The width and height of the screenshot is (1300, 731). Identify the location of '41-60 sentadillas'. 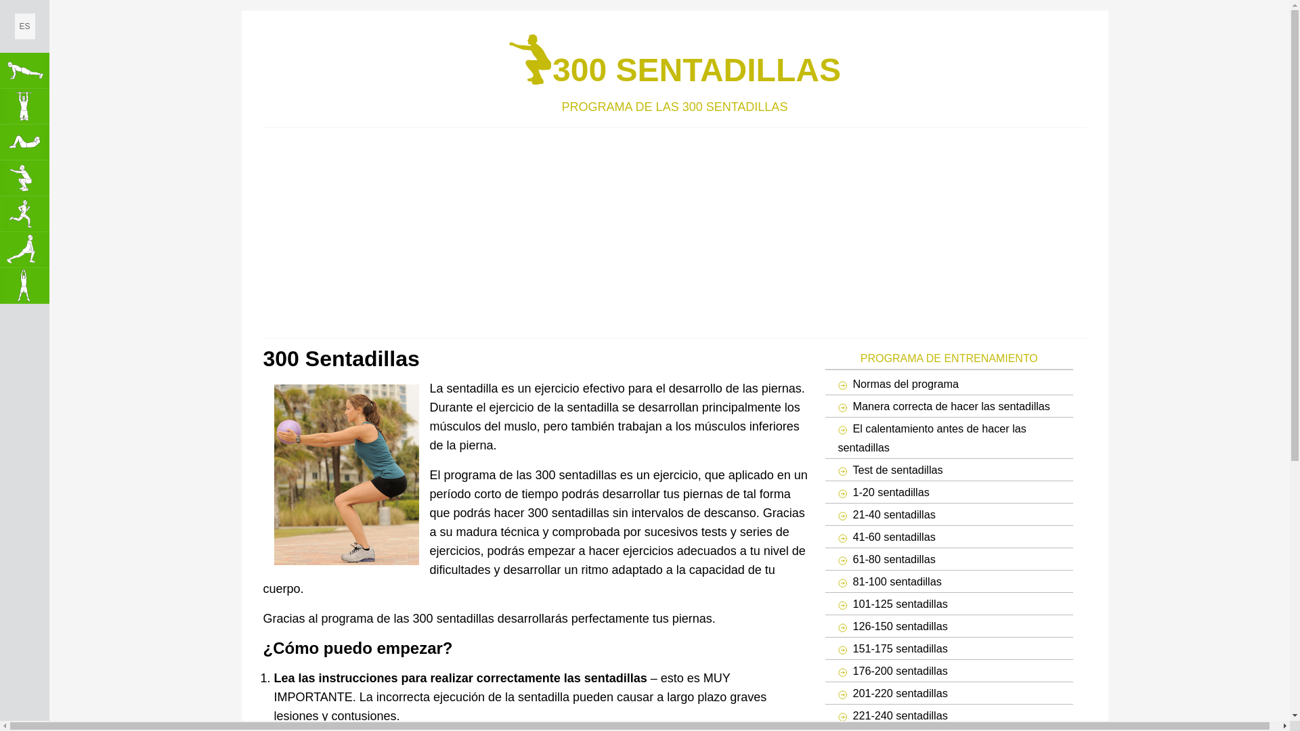
(948, 536).